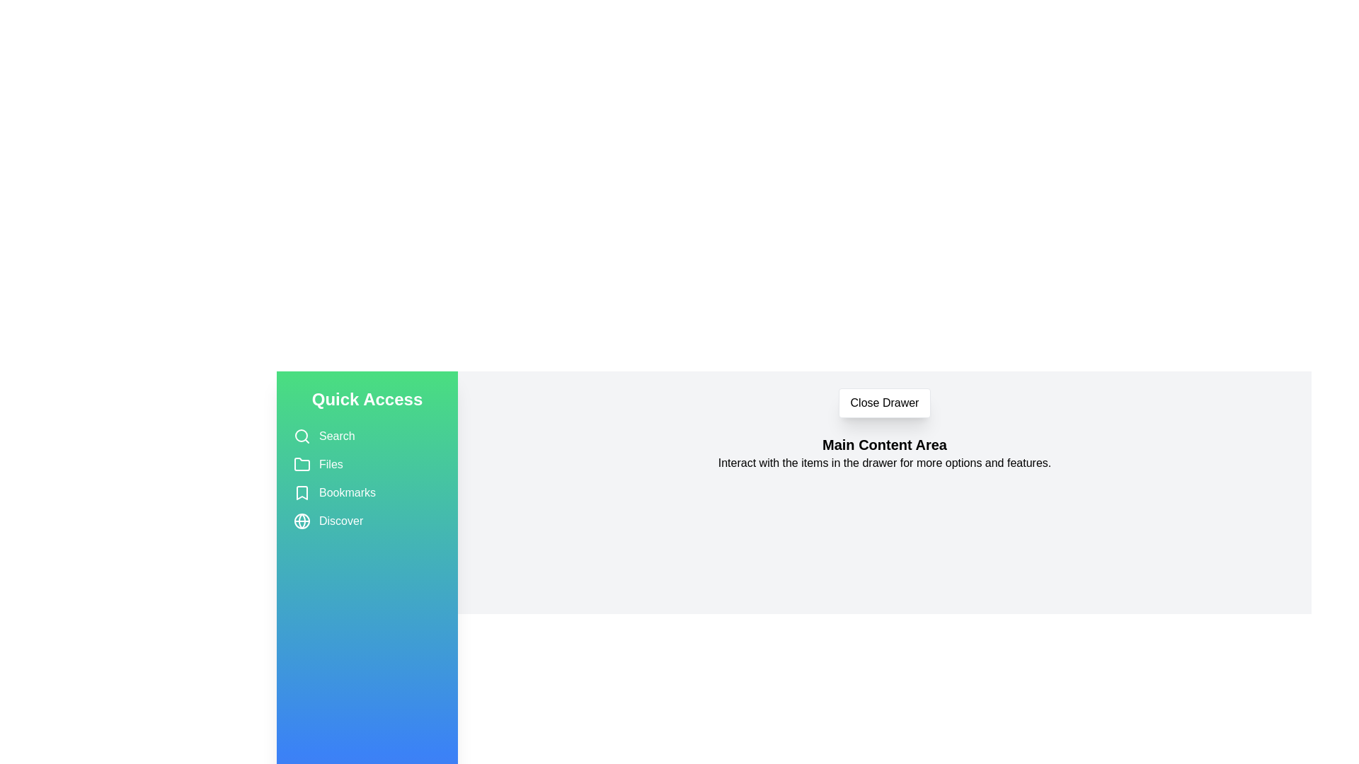 This screenshot has width=1359, height=764. Describe the element at coordinates (367, 436) in the screenshot. I see `the item Search in the drawer to select it` at that location.